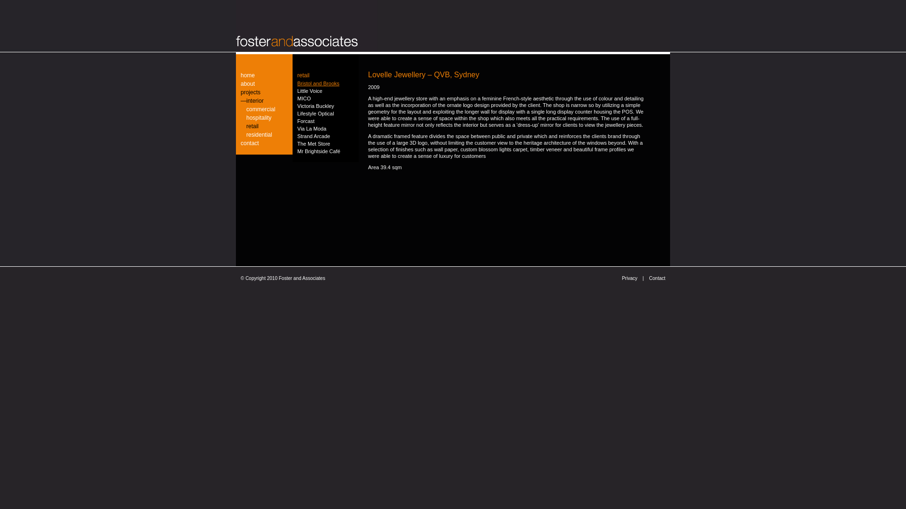  I want to click on 'Contact', so click(649, 278).